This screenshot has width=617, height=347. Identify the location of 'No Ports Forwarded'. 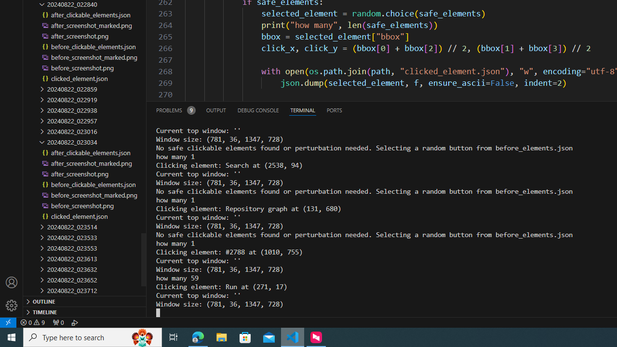
(57, 322).